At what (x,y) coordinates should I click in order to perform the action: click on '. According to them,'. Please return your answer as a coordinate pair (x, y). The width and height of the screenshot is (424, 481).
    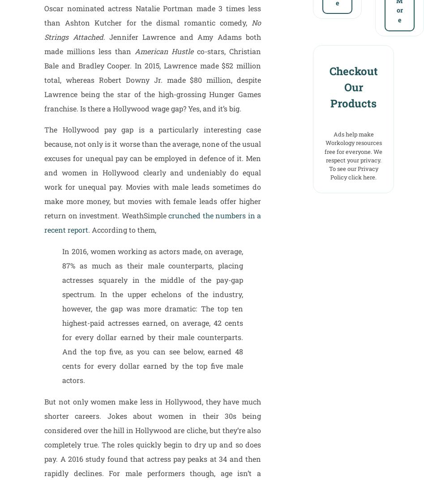
    Looking at the image, I should click on (88, 229).